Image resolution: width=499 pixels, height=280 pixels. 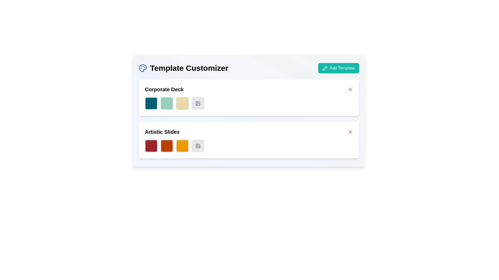 I want to click on the bold text label 'Artistic Slides', so click(x=162, y=132).